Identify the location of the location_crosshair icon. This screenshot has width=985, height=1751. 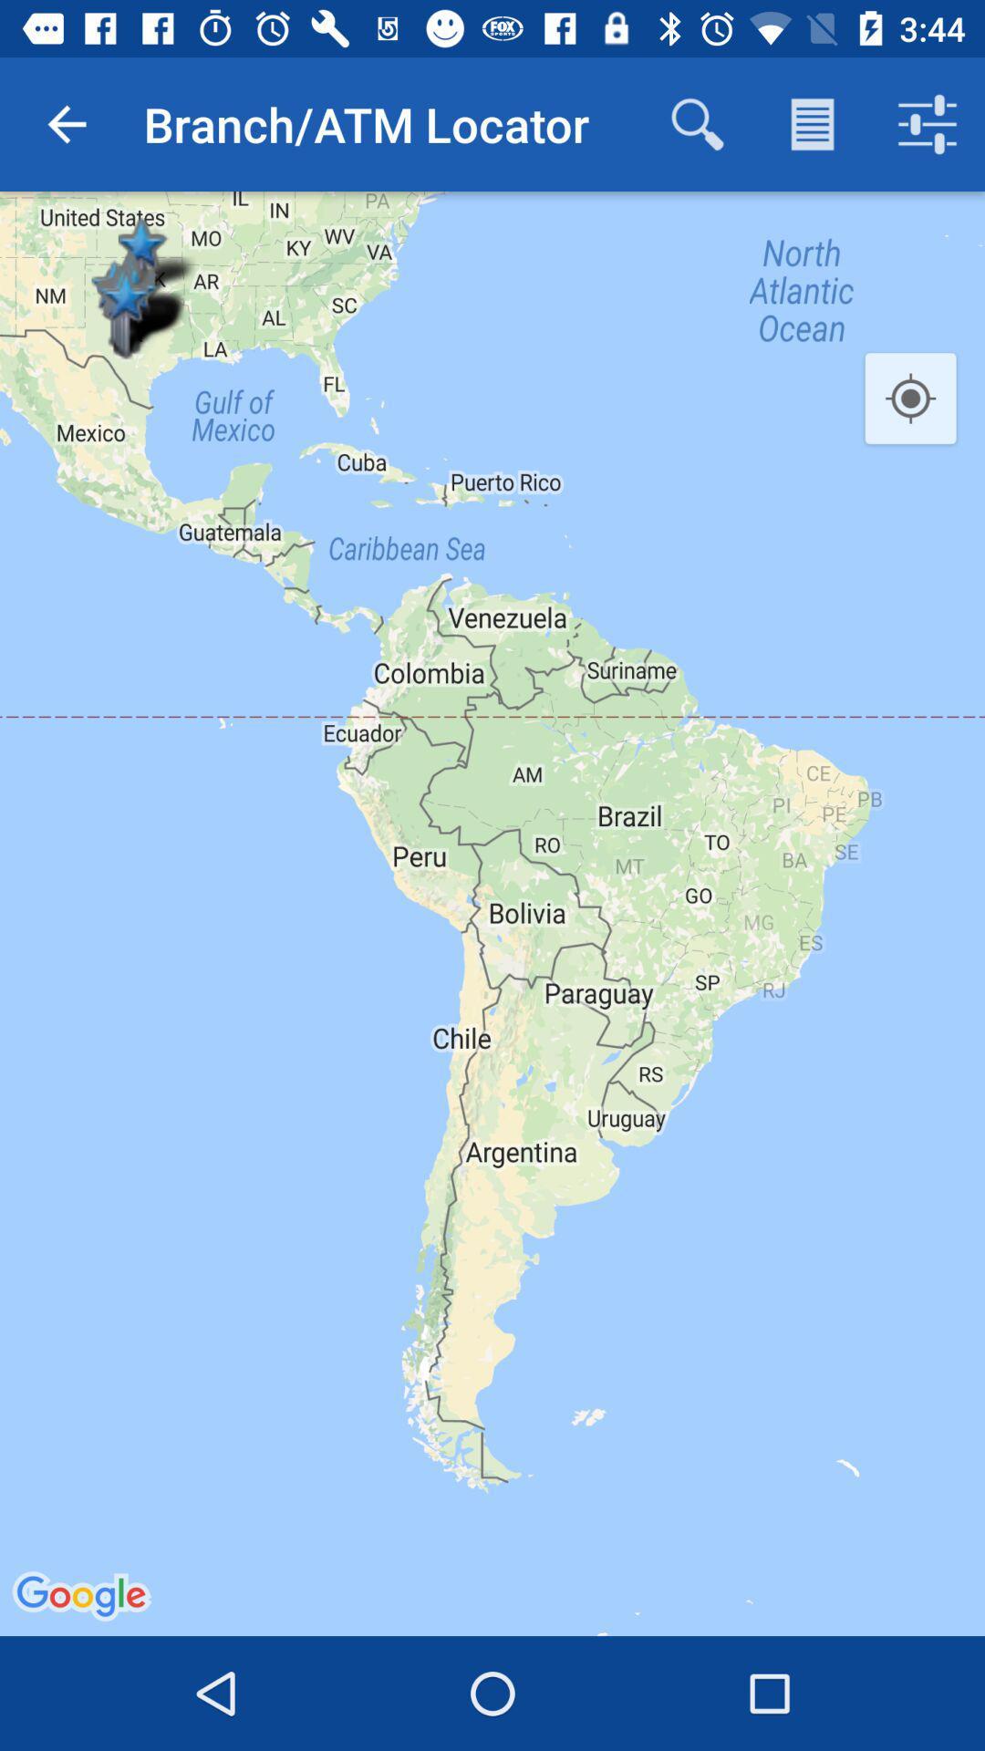
(910, 399).